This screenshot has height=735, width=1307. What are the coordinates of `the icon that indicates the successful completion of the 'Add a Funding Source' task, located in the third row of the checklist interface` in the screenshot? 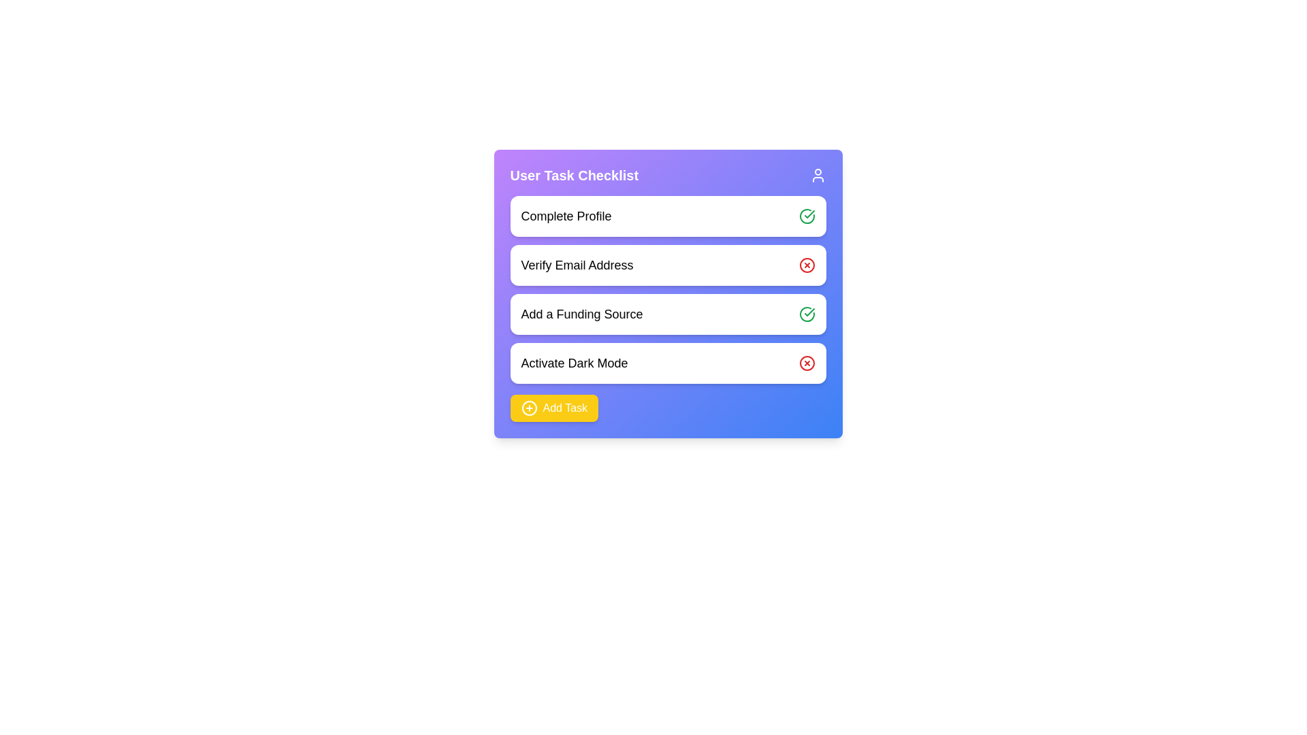 It's located at (807, 314).